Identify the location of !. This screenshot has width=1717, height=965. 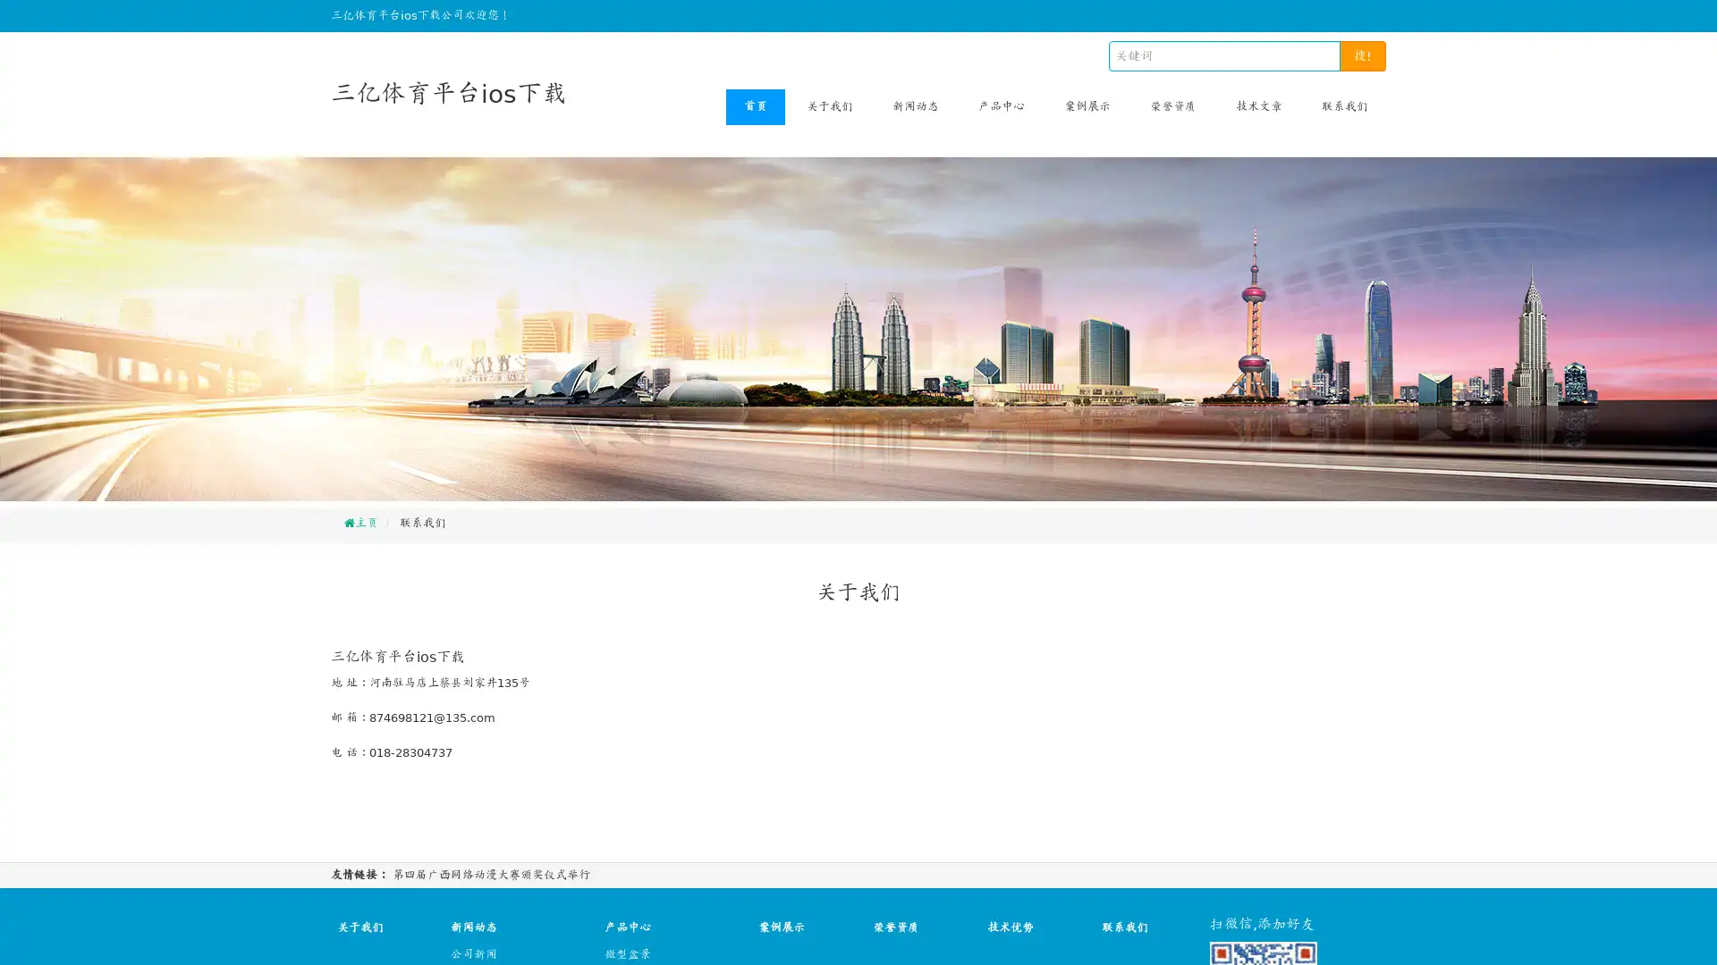
(1362, 55).